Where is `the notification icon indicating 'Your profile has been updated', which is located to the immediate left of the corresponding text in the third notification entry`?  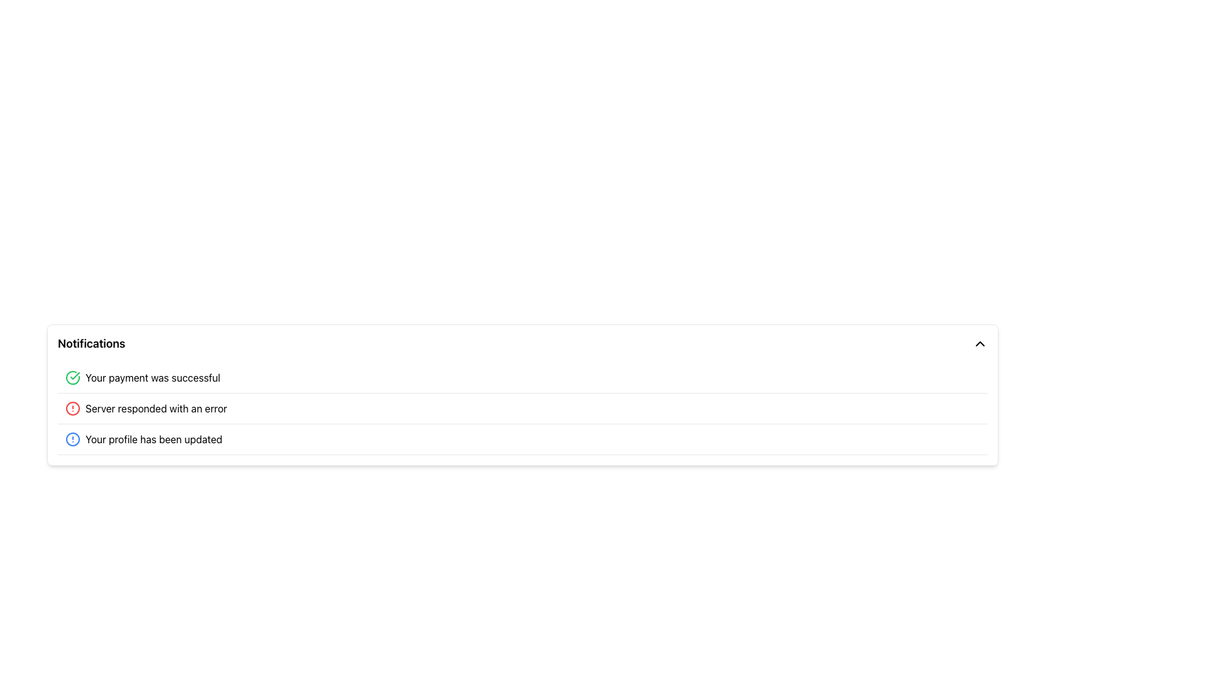 the notification icon indicating 'Your profile has been updated', which is located to the immediate left of the corresponding text in the third notification entry is located at coordinates (72, 438).